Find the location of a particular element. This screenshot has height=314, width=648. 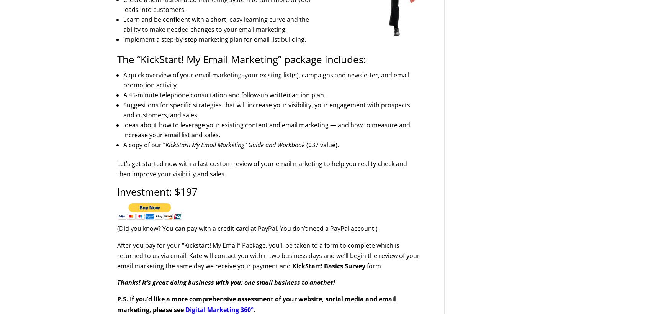

'KickStart! My Email Marketing” Guide and Workbook' is located at coordinates (235, 144).